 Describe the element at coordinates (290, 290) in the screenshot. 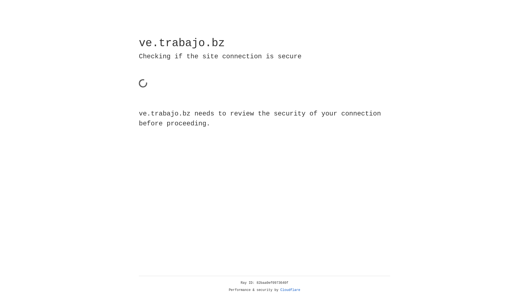

I see `'Cloudflare'` at that location.